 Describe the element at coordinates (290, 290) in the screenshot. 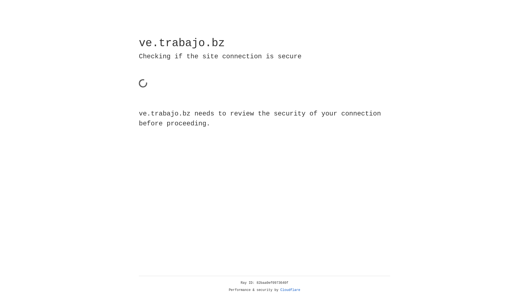

I see `'Cloudflare'` at that location.